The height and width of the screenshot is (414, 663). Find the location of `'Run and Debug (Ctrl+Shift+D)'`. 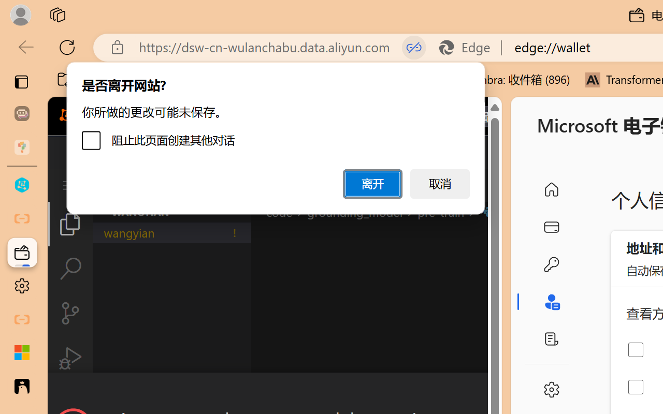

'Run and Debug (Ctrl+Shift+D)' is located at coordinates (69, 358).